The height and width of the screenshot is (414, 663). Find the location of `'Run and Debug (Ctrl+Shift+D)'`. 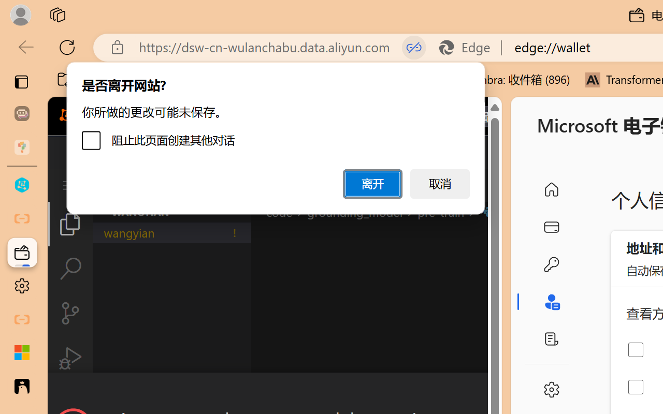

'Run and Debug (Ctrl+Shift+D)' is located at coordinates (69, 358).